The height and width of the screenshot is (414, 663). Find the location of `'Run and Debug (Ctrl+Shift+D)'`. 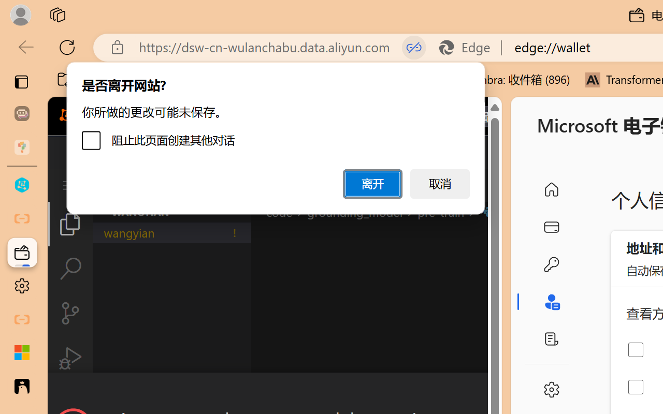

'Run and Debug (Ctrl+Shift+D)' is located at coordinates (69, 358).